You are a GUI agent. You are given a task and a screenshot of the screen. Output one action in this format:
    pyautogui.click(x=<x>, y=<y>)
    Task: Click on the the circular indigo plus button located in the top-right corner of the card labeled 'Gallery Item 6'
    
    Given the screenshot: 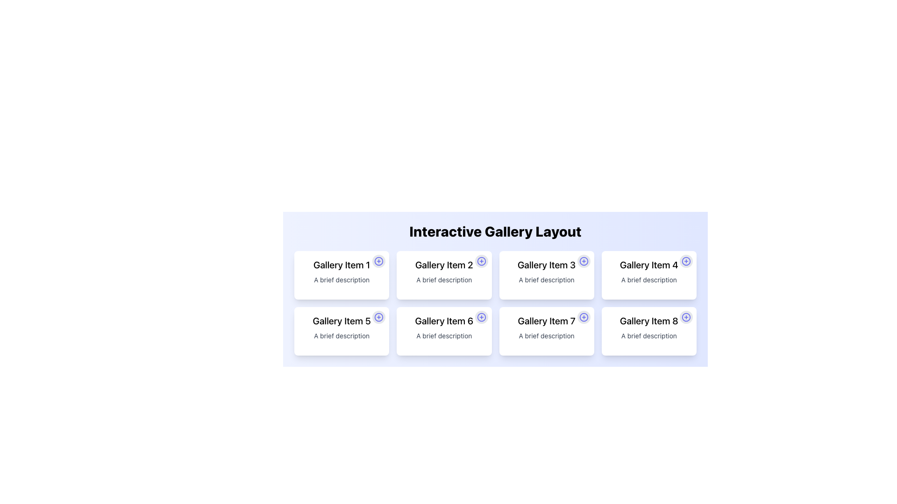 What is the action you would take?
    pyautogui.click(x=481, y=316)
    